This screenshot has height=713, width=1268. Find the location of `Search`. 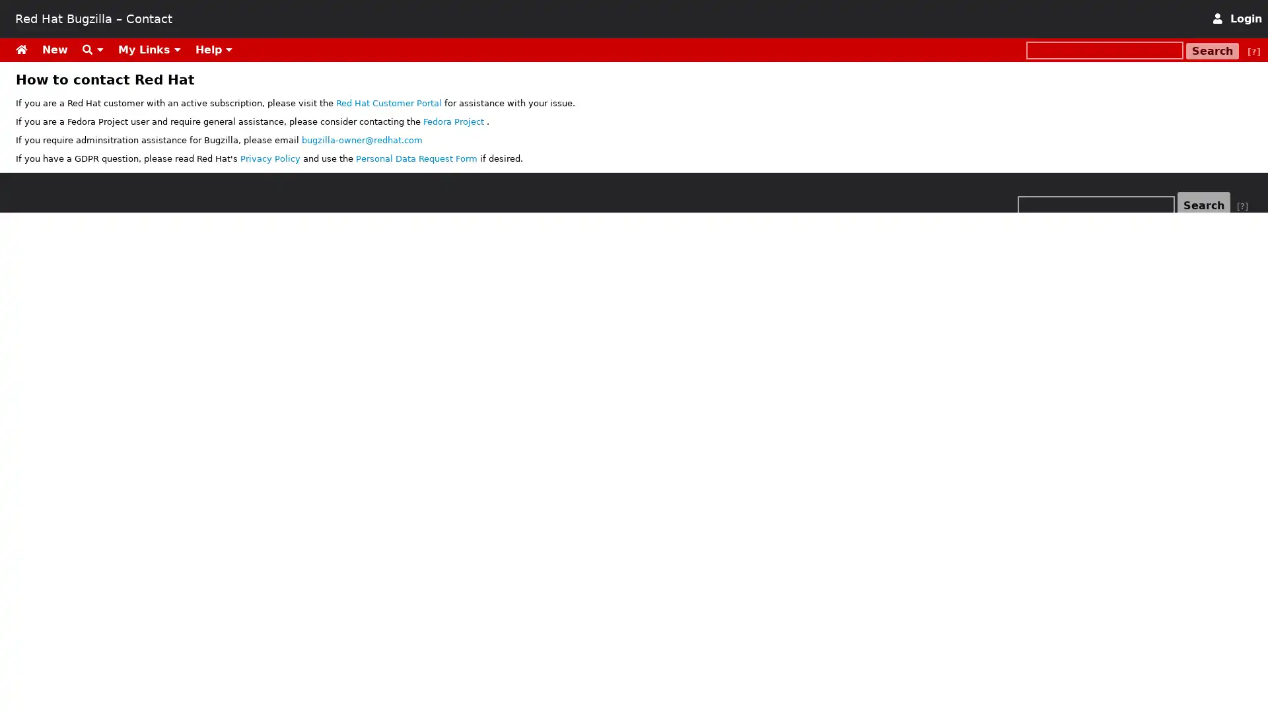

Search is located at coordinates (1213, 50).